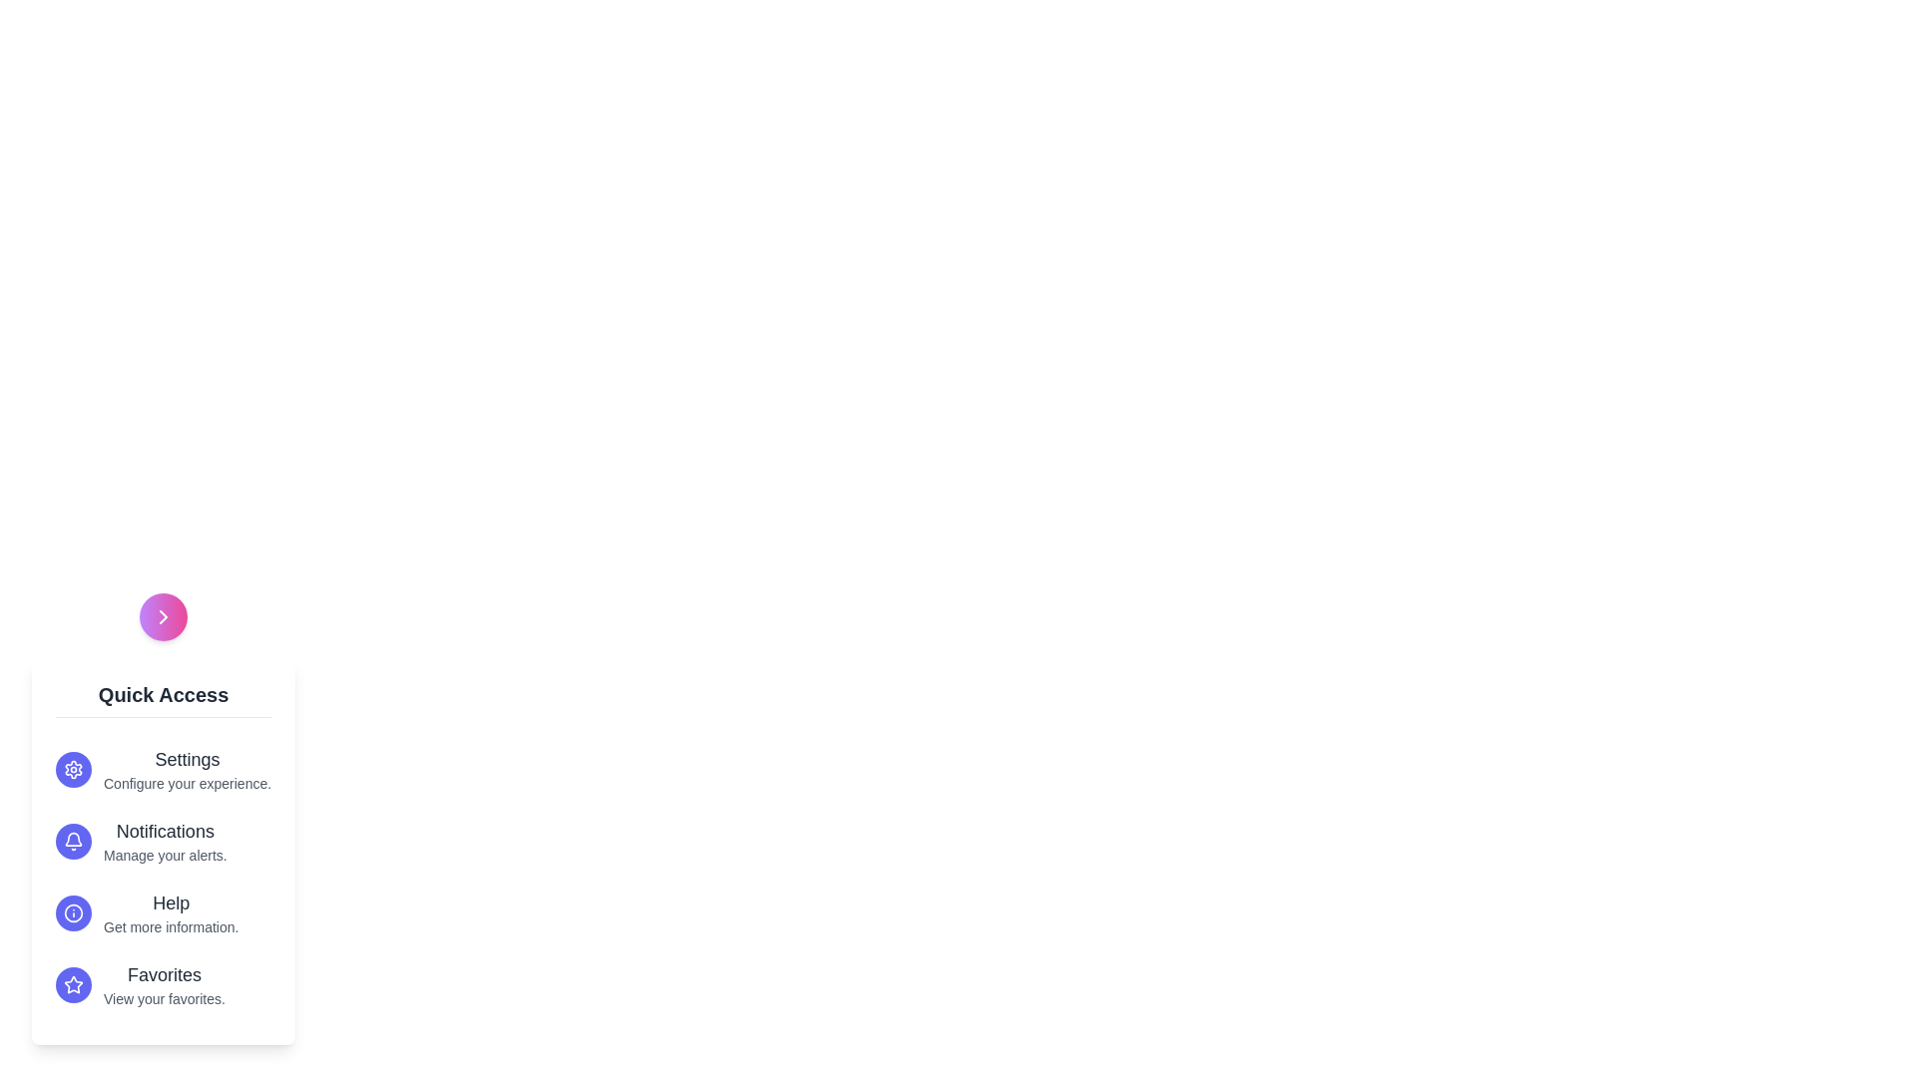  Describe the element at coordinates (163, 698) in the screenshot. I see `the 'Quick Access' header text` at that location.